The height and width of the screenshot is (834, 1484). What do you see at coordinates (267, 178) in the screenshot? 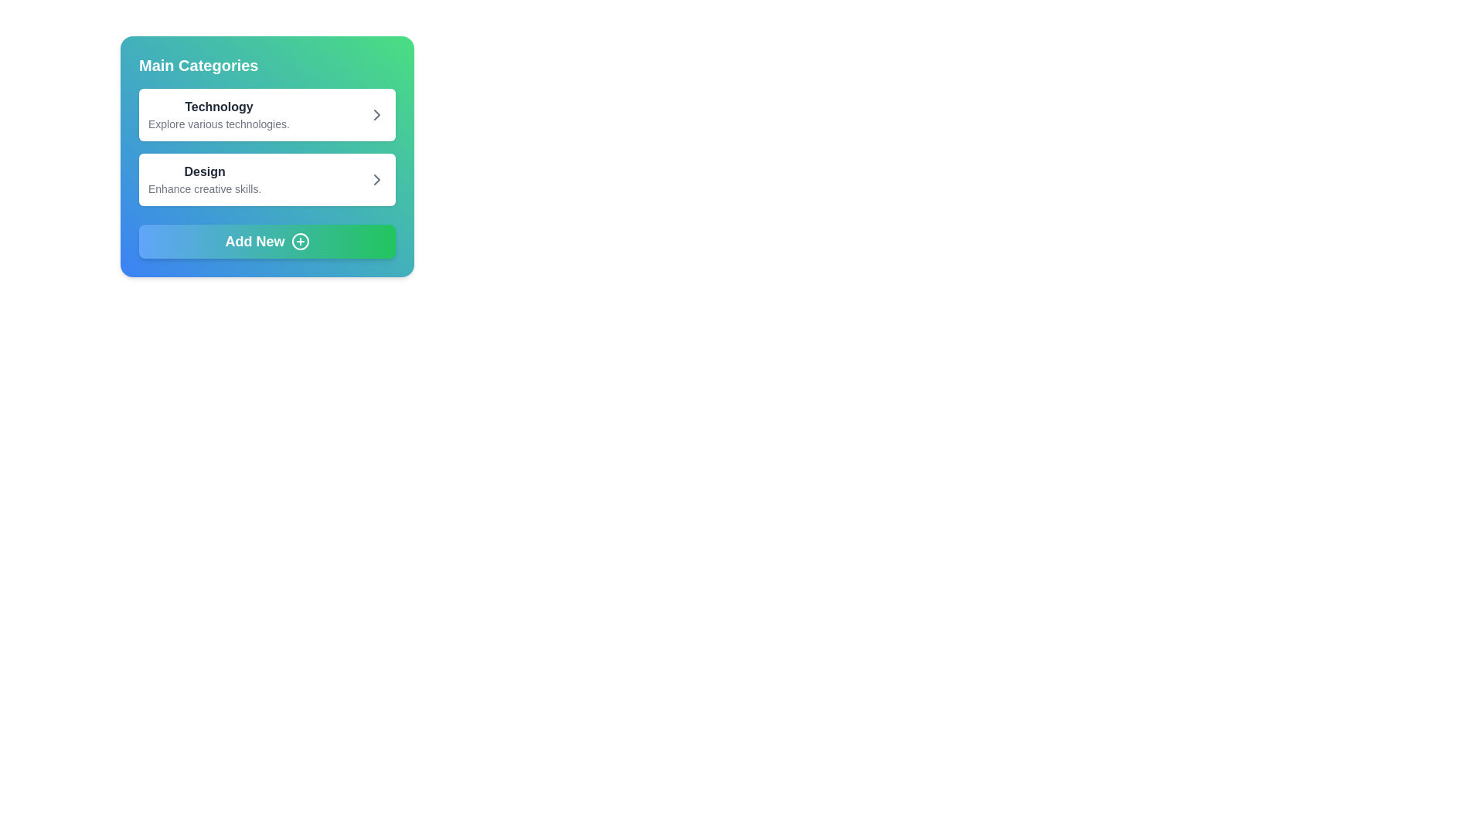
I see `the 'Design' clickable card located below the 'Technology' card in the 'Main Categories' section` at bounding box center [267, 178].